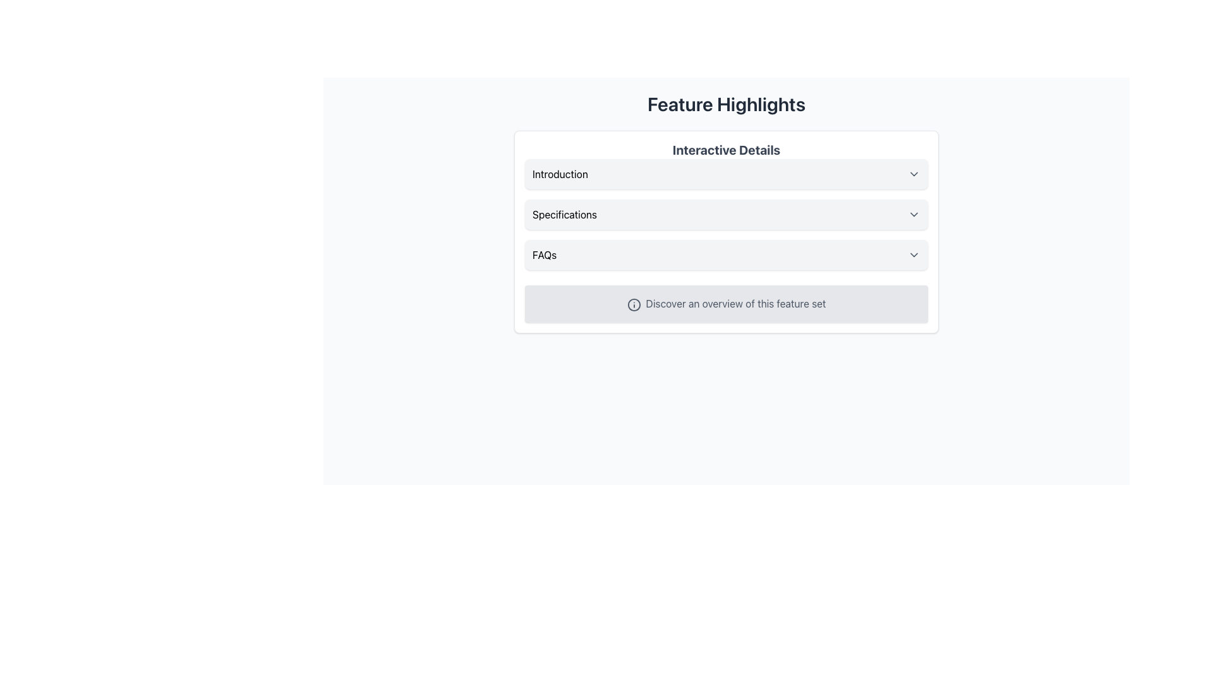 This screenshot has width=1213, height=682. I want to click on text displayed in the descriptive message located inside a gray-bordered region at the bottom of the 'Interactive Details' section, next to an icon on its left, so click(736, 304).